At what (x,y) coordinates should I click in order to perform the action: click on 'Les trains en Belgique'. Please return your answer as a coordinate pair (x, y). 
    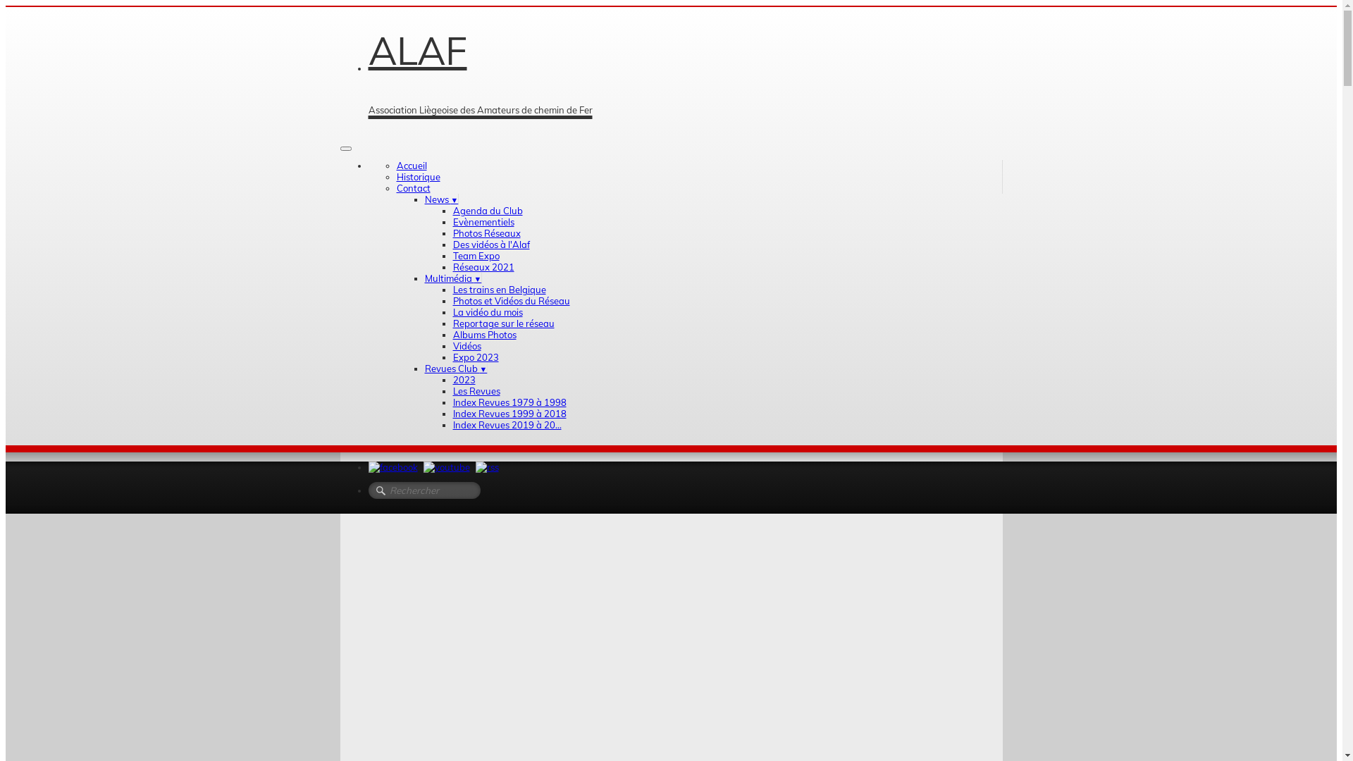
    Looking at the image, I should click on (452, 289).